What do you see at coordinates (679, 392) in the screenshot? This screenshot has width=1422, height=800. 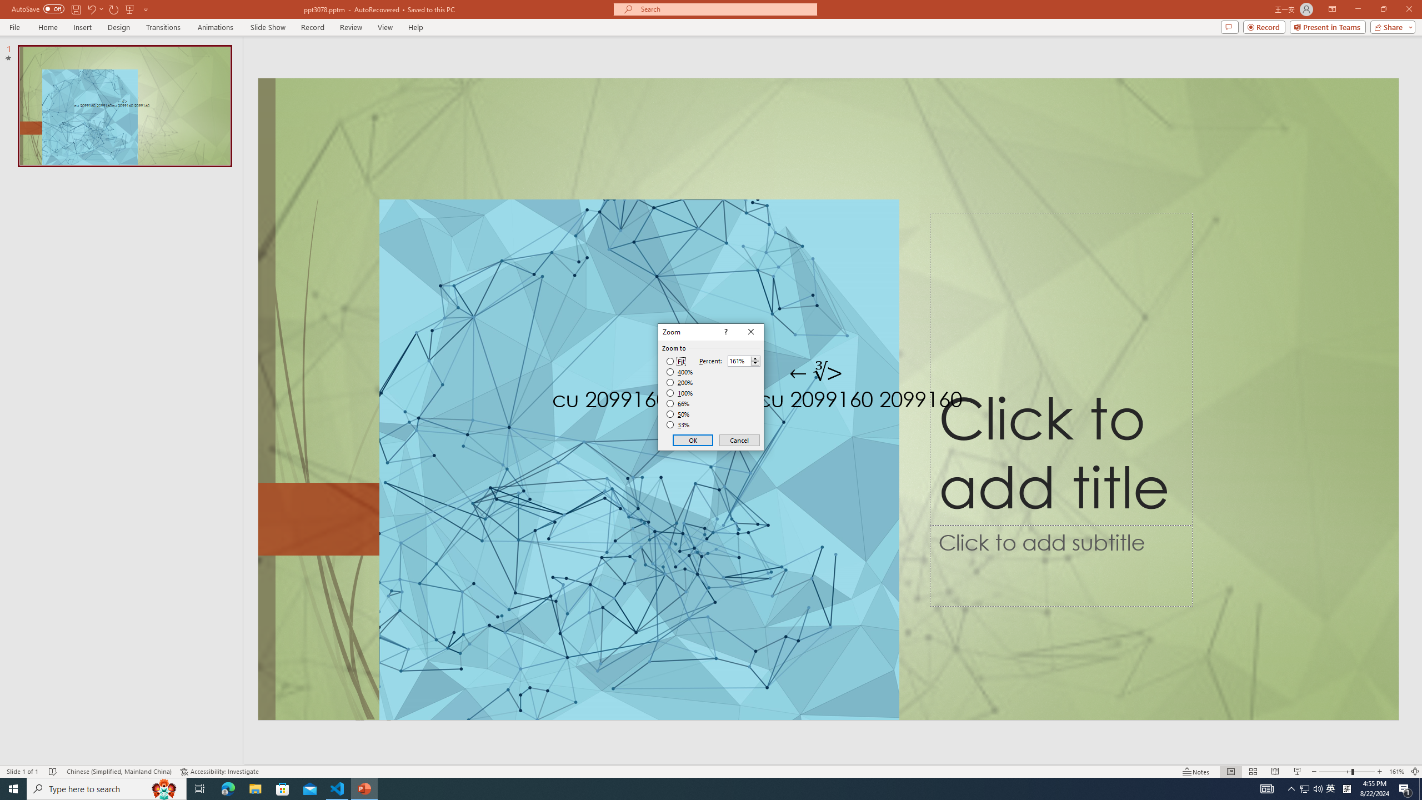 I see `'100%'` at bounding box center [679, 392].